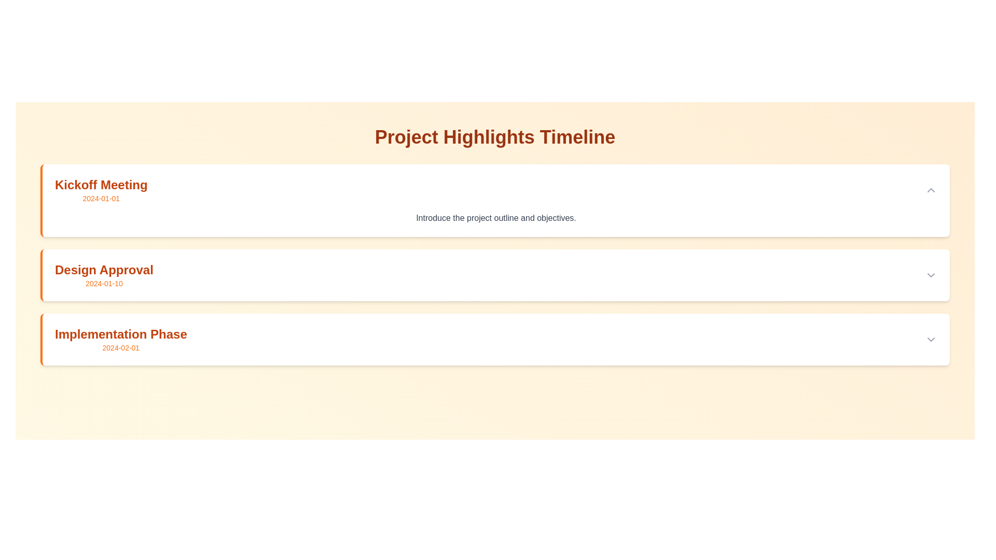  Describe the element at coordinates (931, 275) in the screenshot. I see `the downward-pointing chevron icon in the 'Design Approval' panel of the 'Project Highlights Timeline' section` at that location.